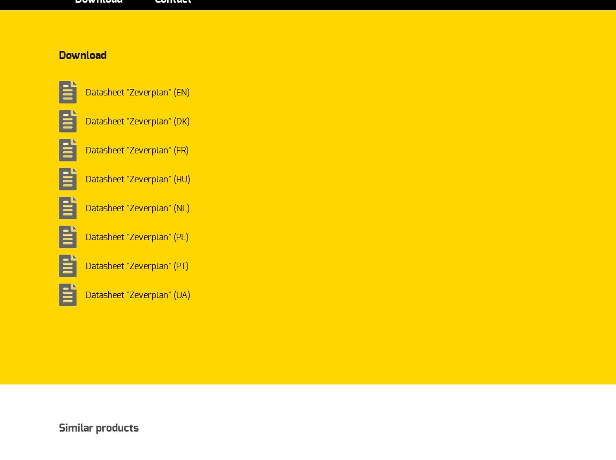  Describe the element at coordinates (82, 55) in the screenshot. I see `'Download'` at that location.